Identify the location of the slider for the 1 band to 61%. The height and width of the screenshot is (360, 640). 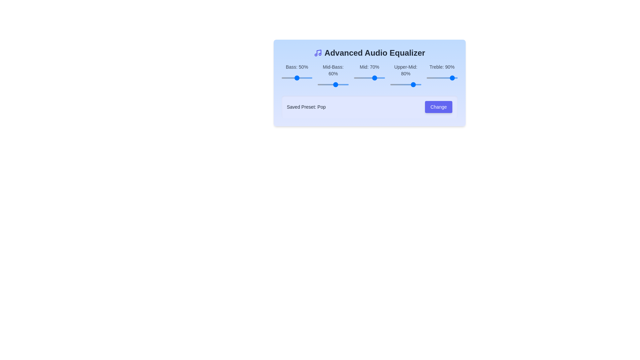
(353, 84).